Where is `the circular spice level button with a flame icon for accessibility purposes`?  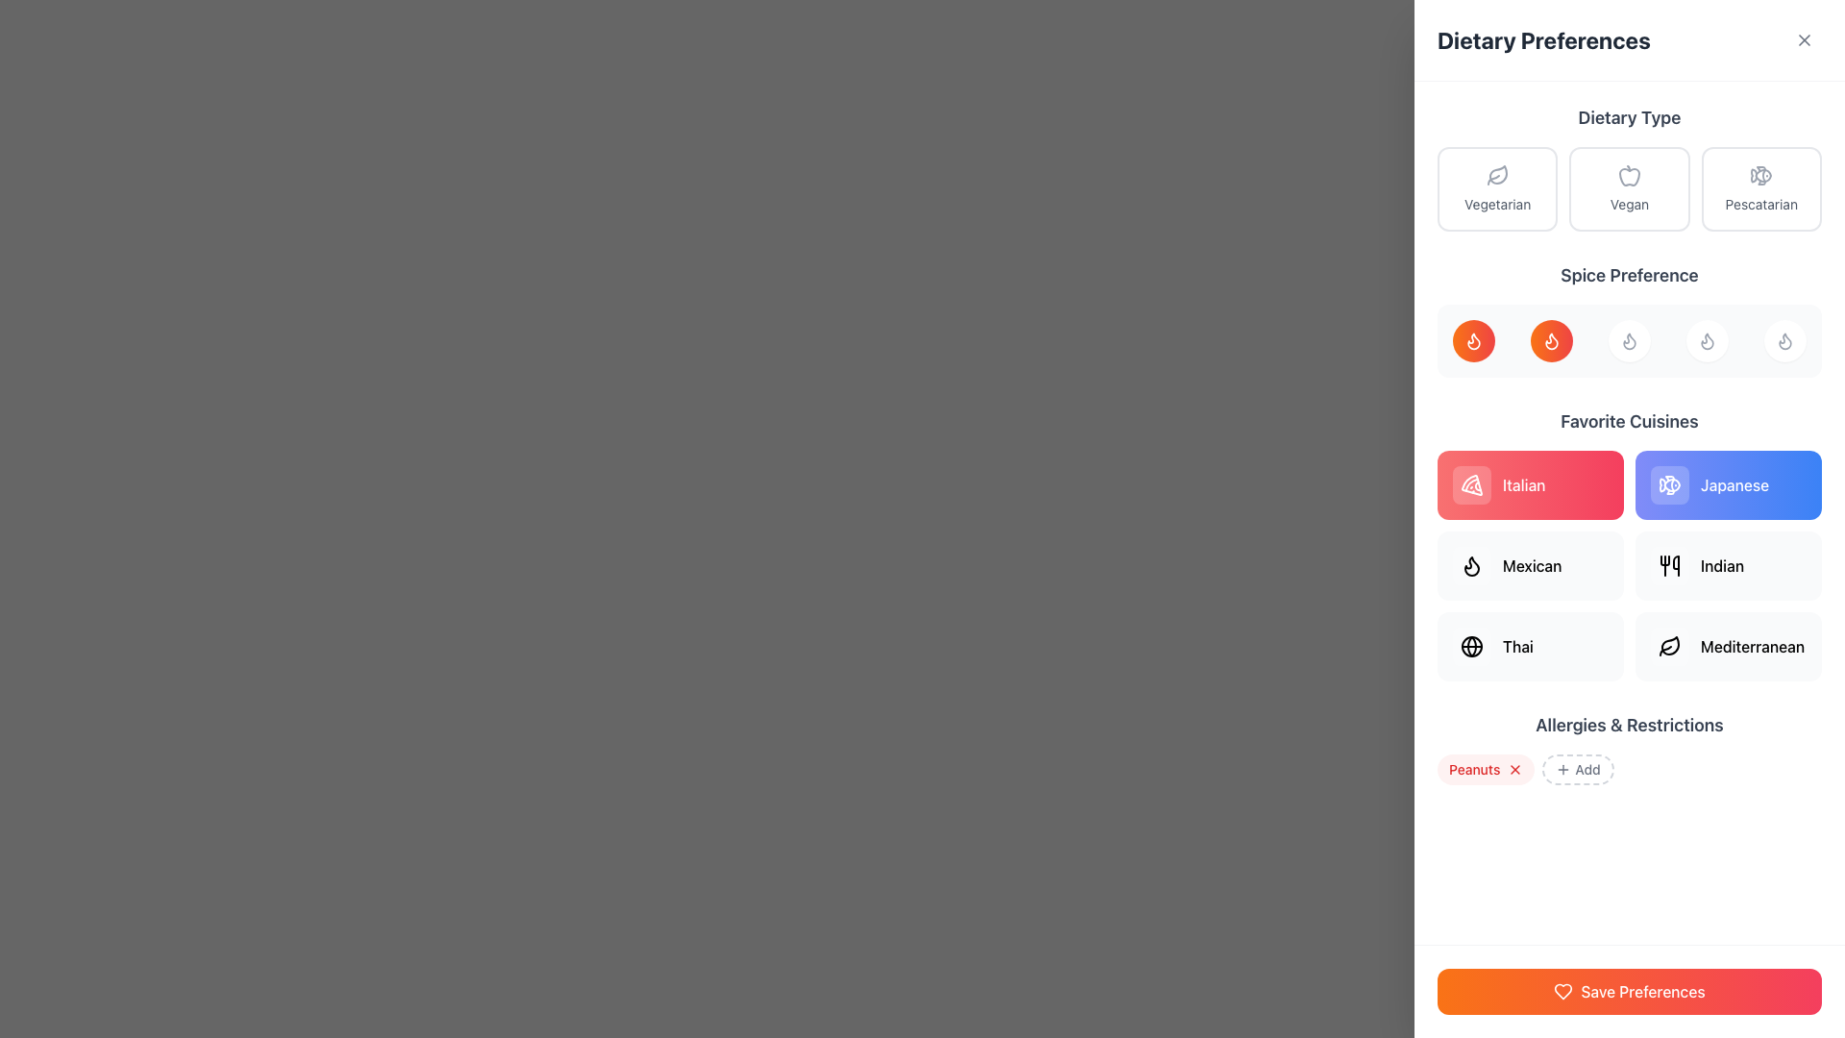 the circular spice level button with a flame icon for accessibility purposes is located at coordinates (1628, 318).